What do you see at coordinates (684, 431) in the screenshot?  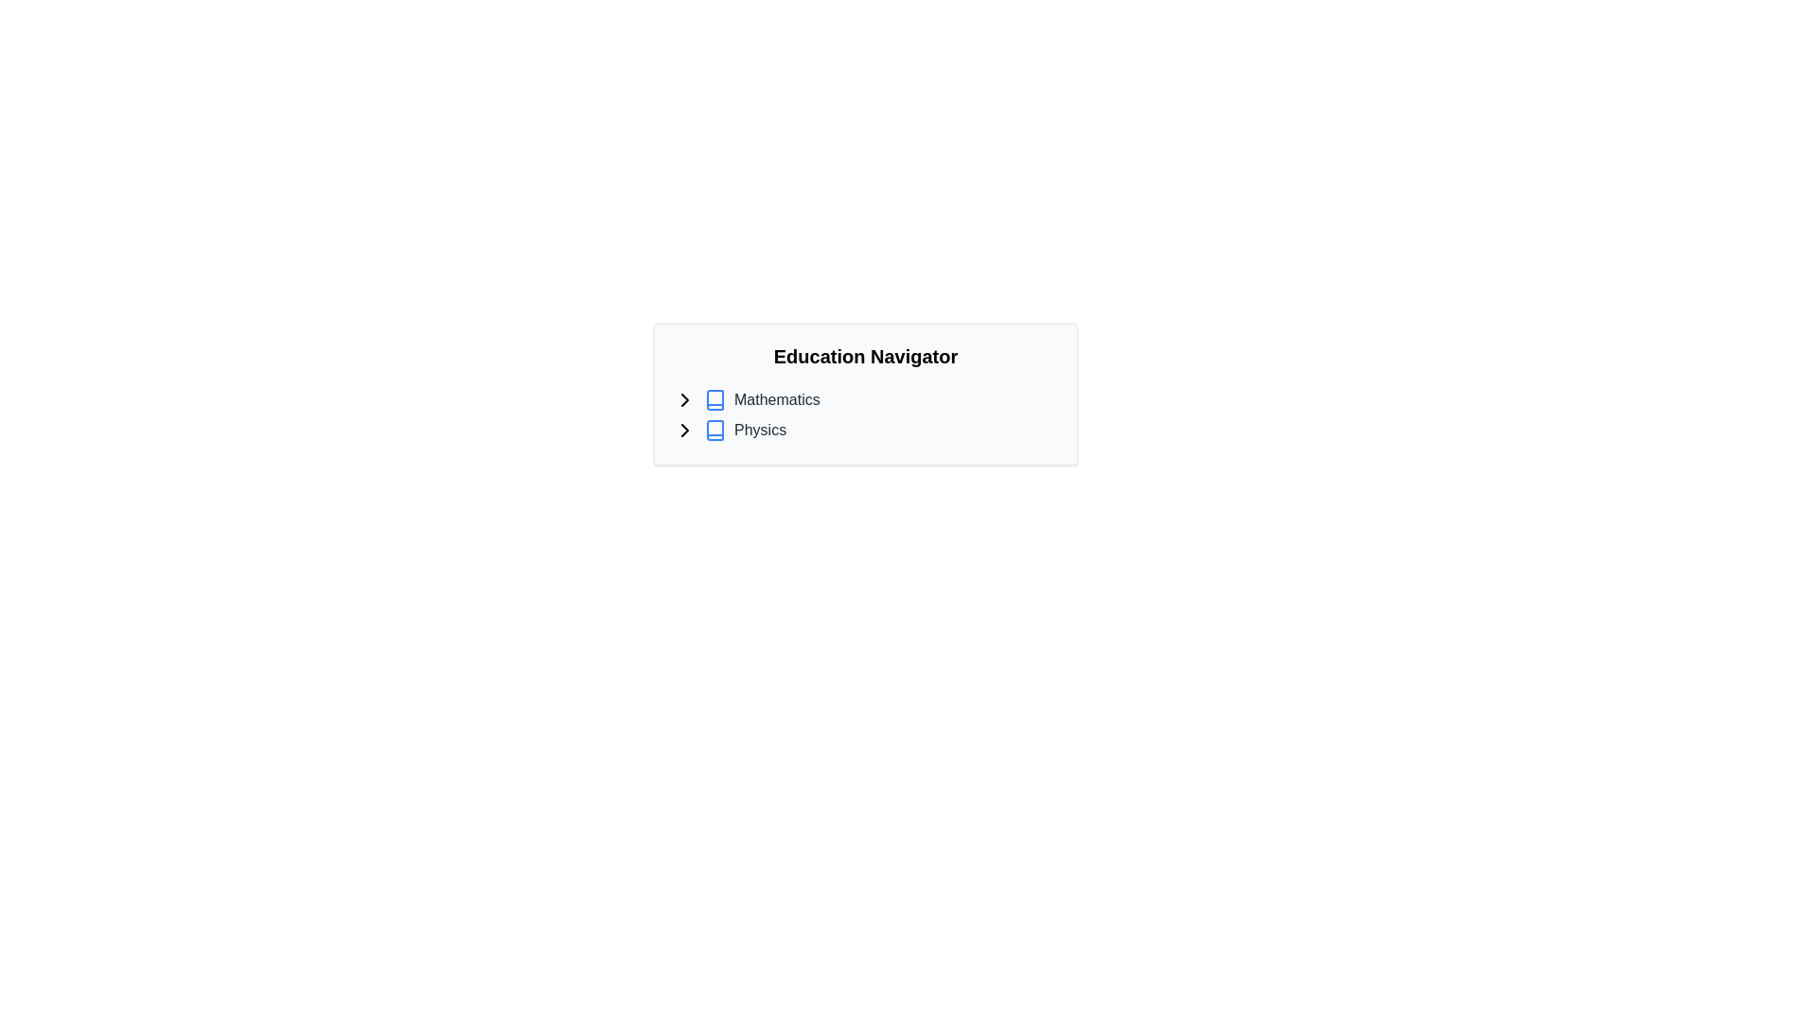 I see `the Chevron icon that indicates the 'Physics' section can be expanded or navigated to, located adjacent to the text 'Physics' and a book icon` at bounding box center [684, 431].